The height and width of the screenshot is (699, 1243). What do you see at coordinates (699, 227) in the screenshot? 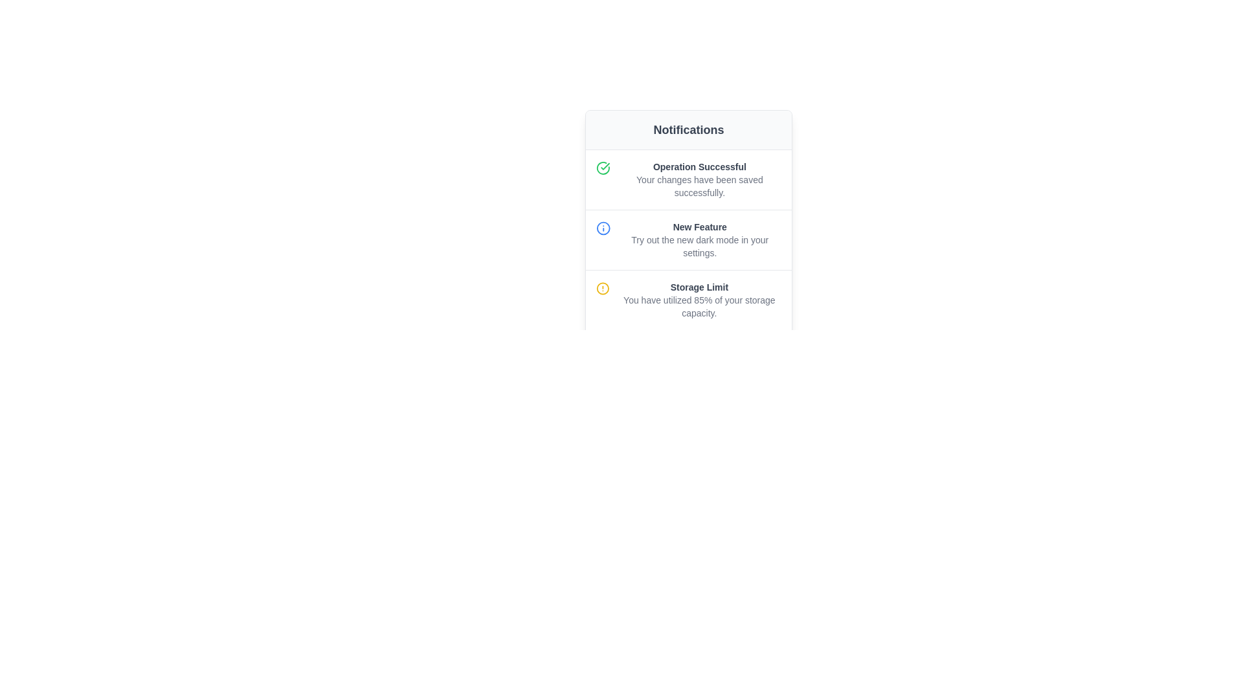
I see `the 'New Feature' text label in the second notification card of the notification list, which is styled in bold and darker gray, larger than the smaller text below it` at bounding box center [699, 227].